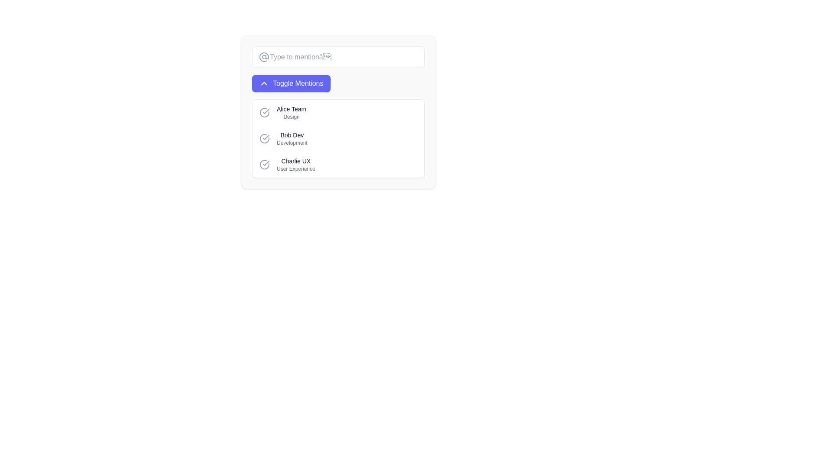  I want to click on the first list item labeled 'Alice Team', so click(292, 112).